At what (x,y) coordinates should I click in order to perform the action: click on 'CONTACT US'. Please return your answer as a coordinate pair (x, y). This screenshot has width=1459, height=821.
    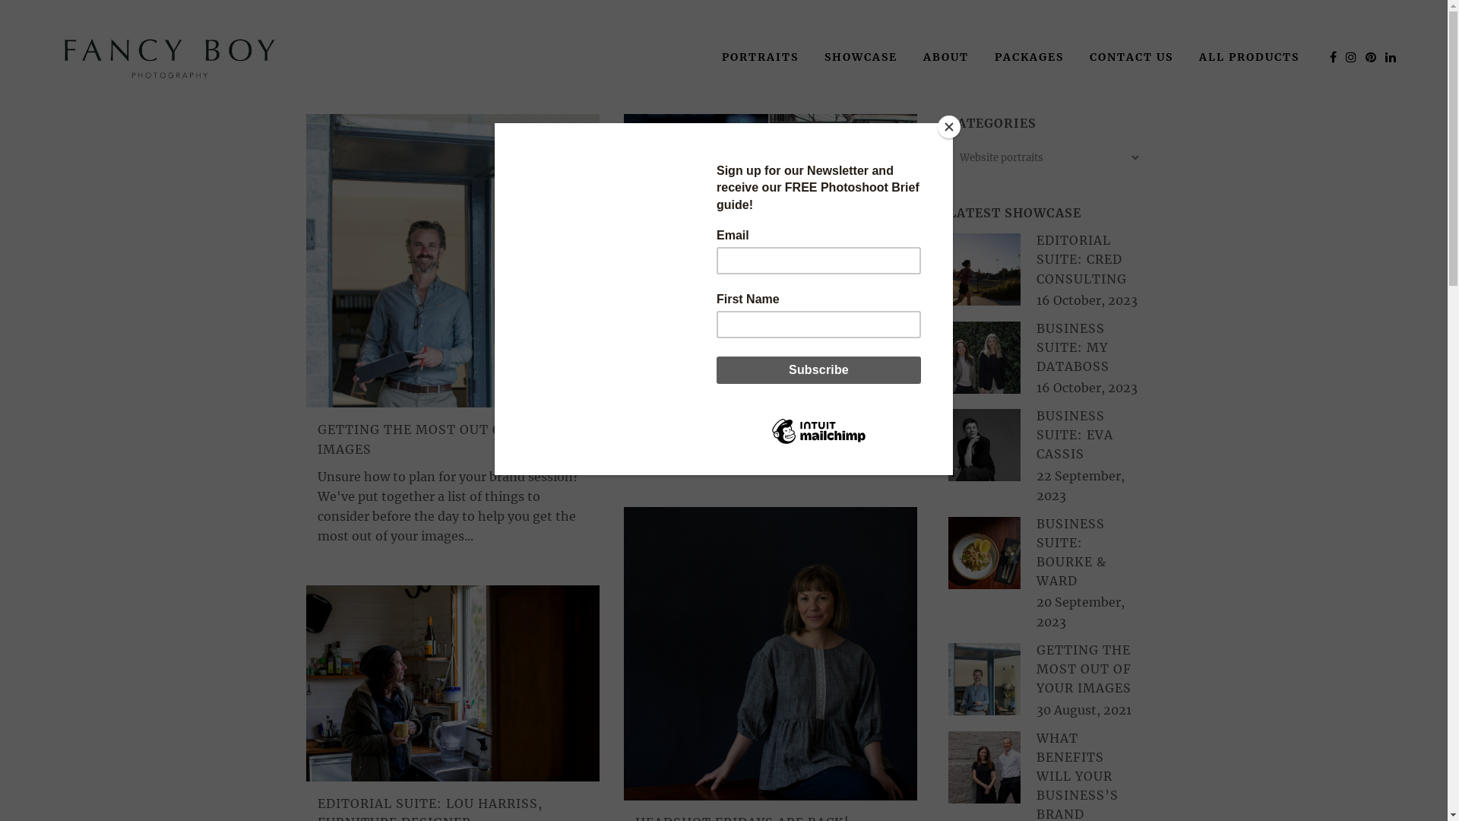
    Looking at the image, I should click on (1075, 55).